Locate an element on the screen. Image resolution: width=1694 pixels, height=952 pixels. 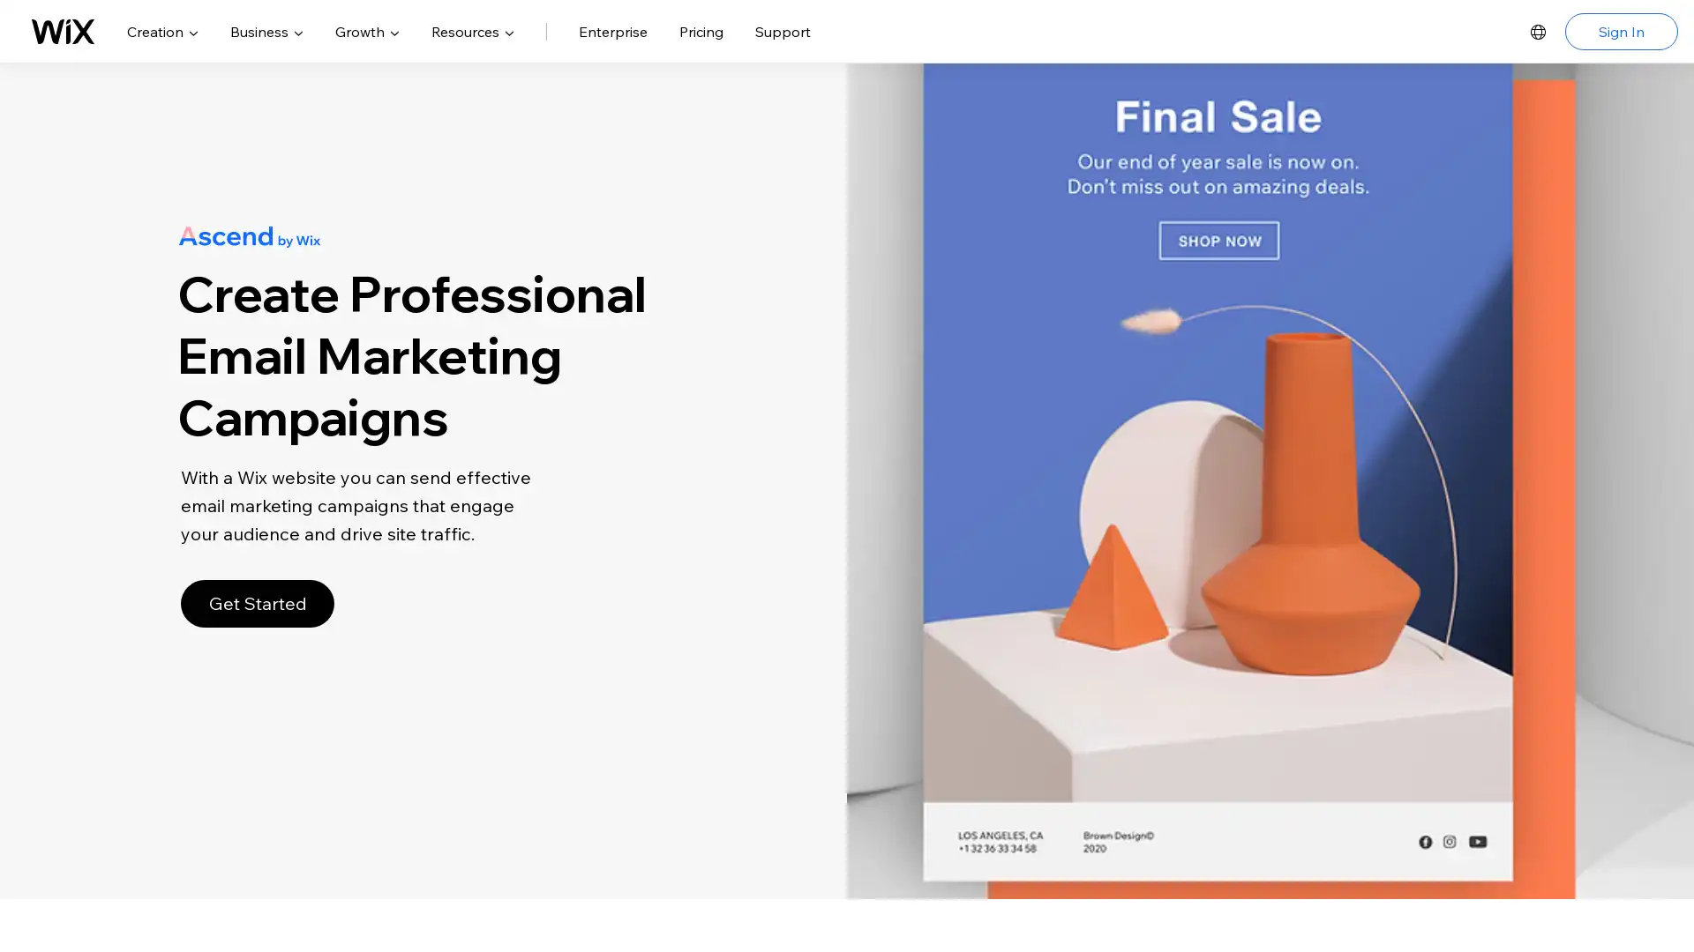
Growth is located at coordinates (366, 30).